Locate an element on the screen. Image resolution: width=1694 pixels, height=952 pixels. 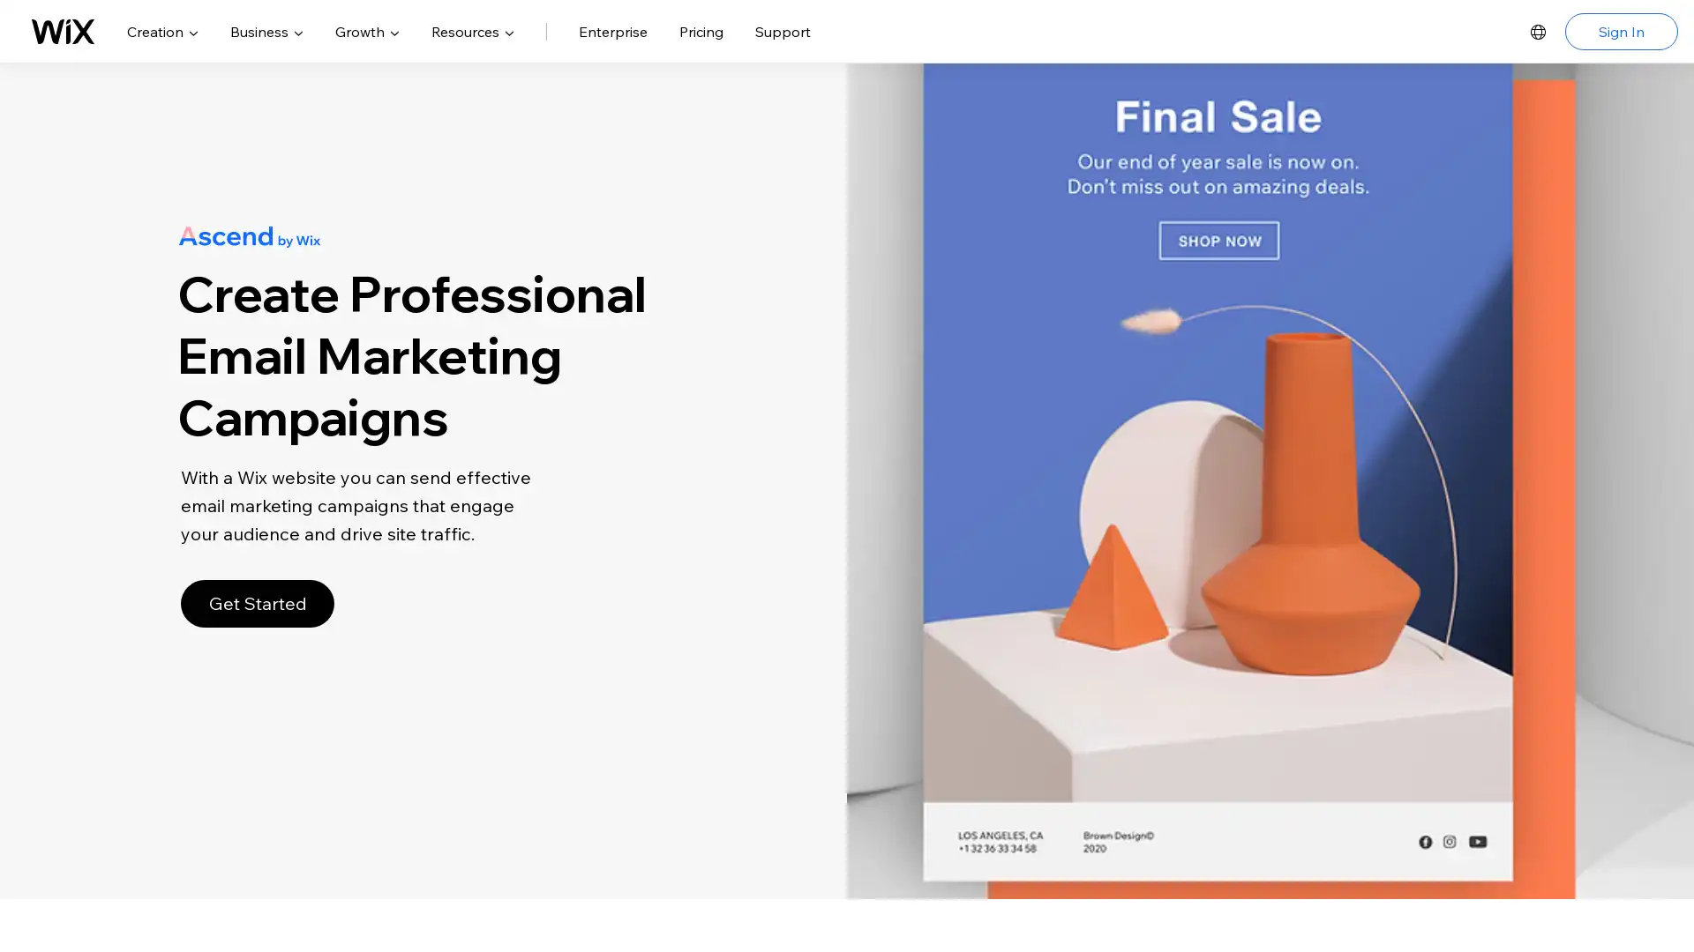
Growth is located at coordinates (366, 30).